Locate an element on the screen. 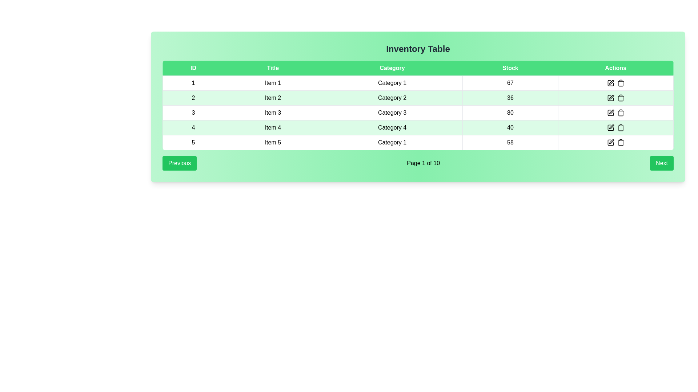  the table cell displaying the title 'Item 4' in the Inventory Table, located in the fourth row and second column is located at coordinates (272, 127).